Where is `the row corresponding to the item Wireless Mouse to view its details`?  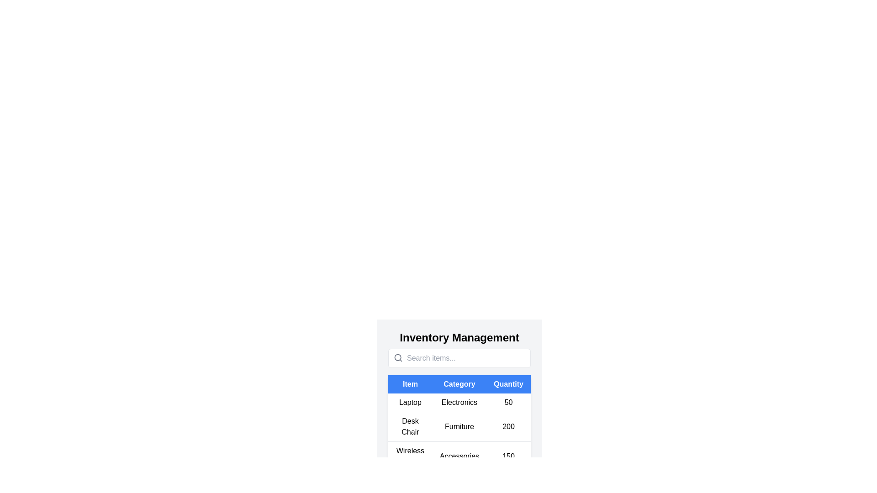 the row corresponding to the item Wireless Mouse to view its details is located at coordinates (460, 456).